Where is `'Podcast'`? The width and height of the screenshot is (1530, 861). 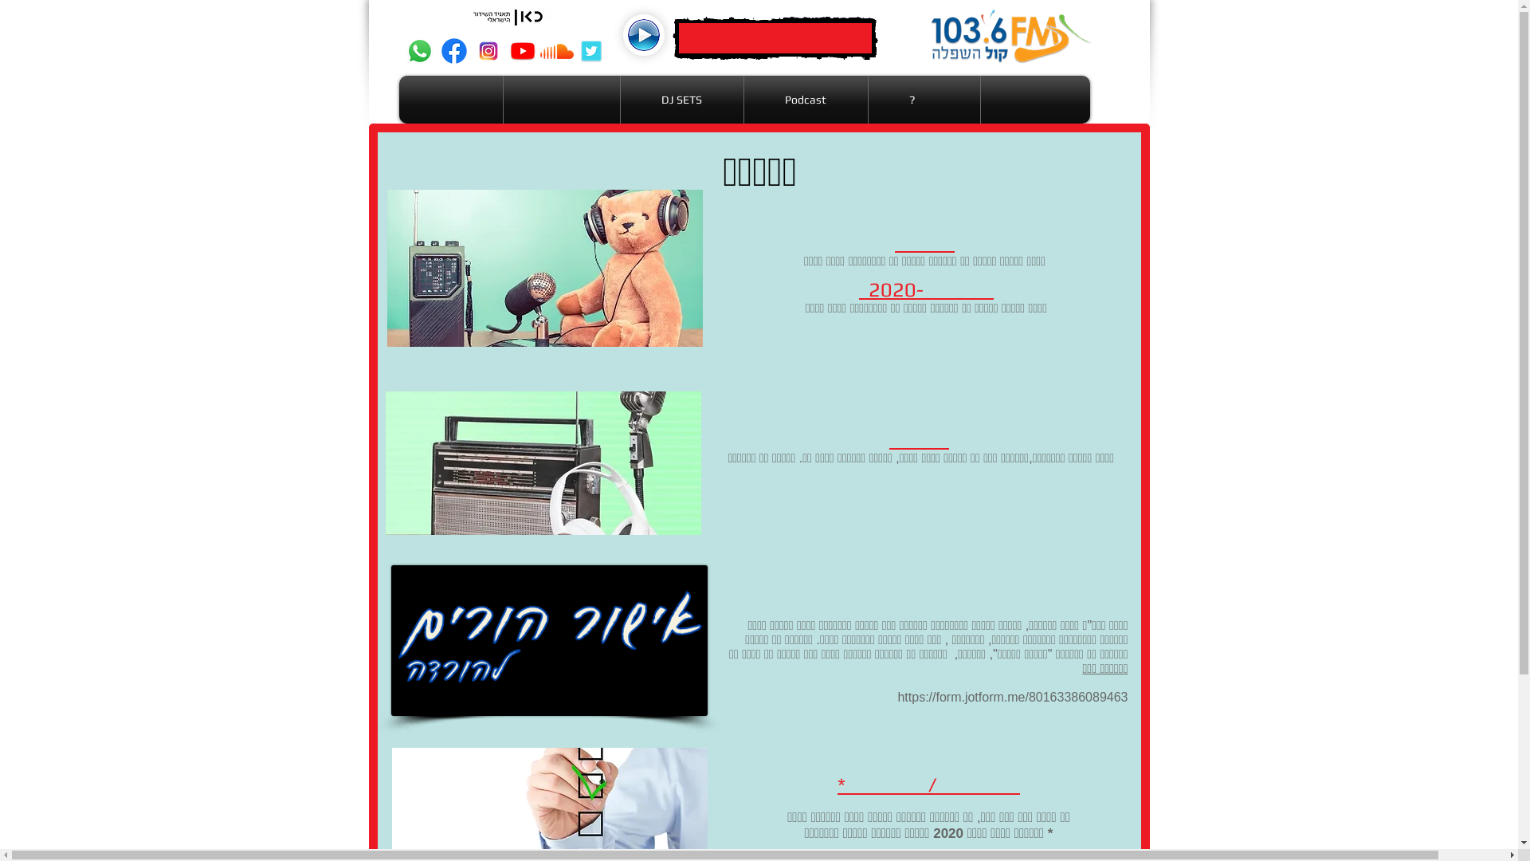
'Podcast' is located at coordinates (805, 99).